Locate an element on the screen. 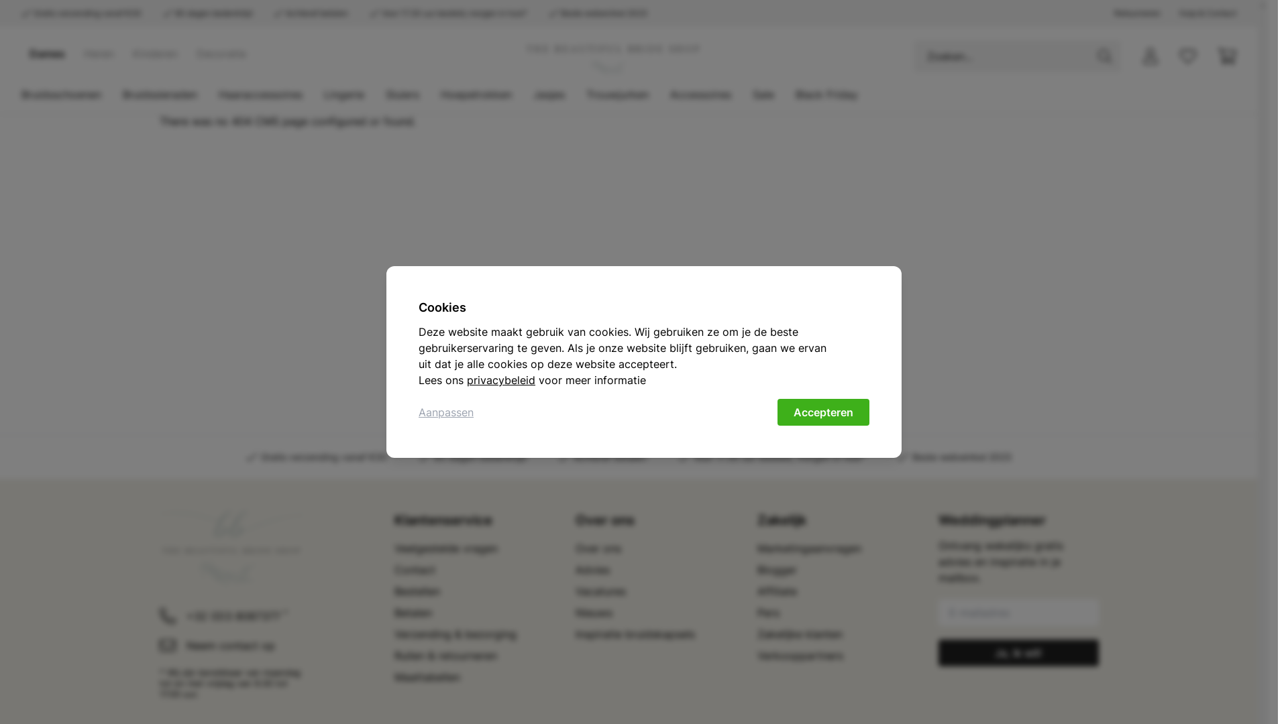 This screenshot has width=1288, height=724. 'Vacatures' is located at coordinates (600, 591).